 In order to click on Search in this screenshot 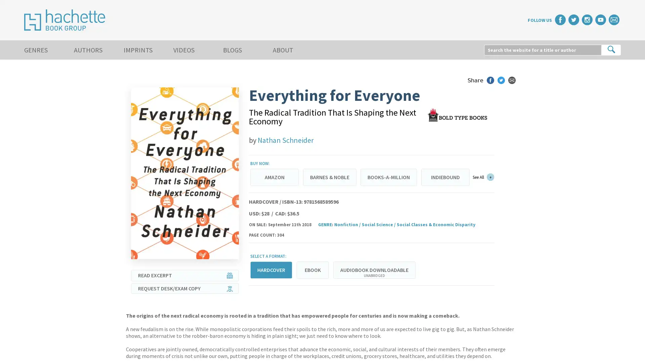, I will do `click(611, 49)`.